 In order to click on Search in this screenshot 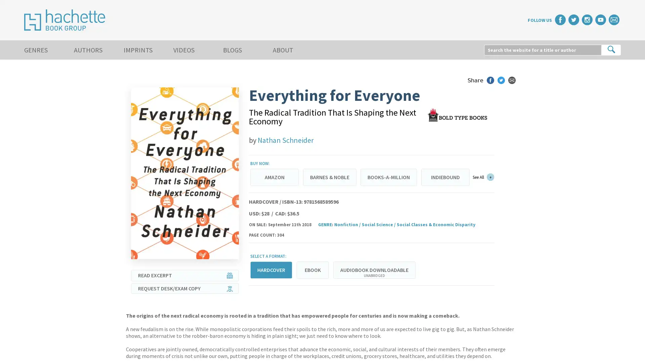, I will do `click(611, 49)`.